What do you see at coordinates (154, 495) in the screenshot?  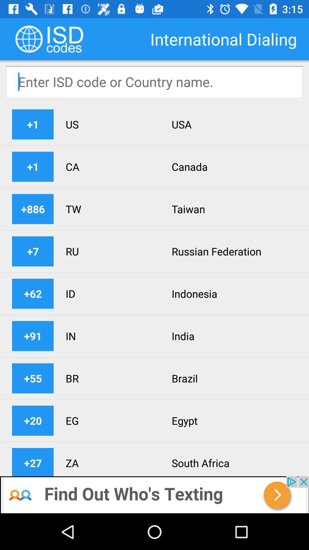 I see `goes to advertiser 's website` at bounding box center [154, 495].